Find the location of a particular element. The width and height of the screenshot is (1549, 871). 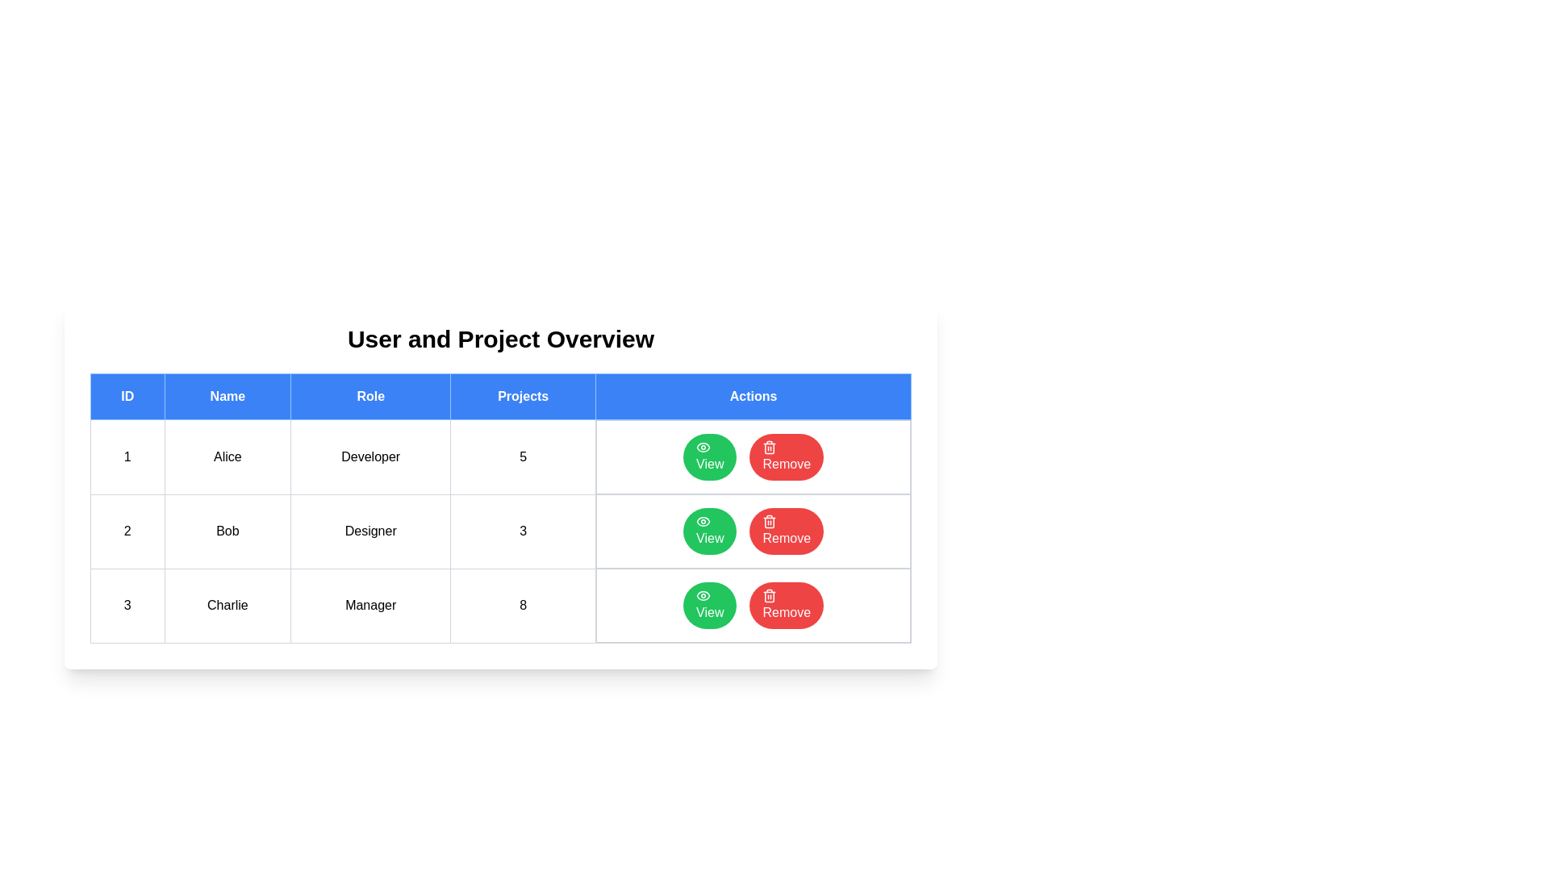

the row corresponding to 1 is located at coordinates (499, 456).